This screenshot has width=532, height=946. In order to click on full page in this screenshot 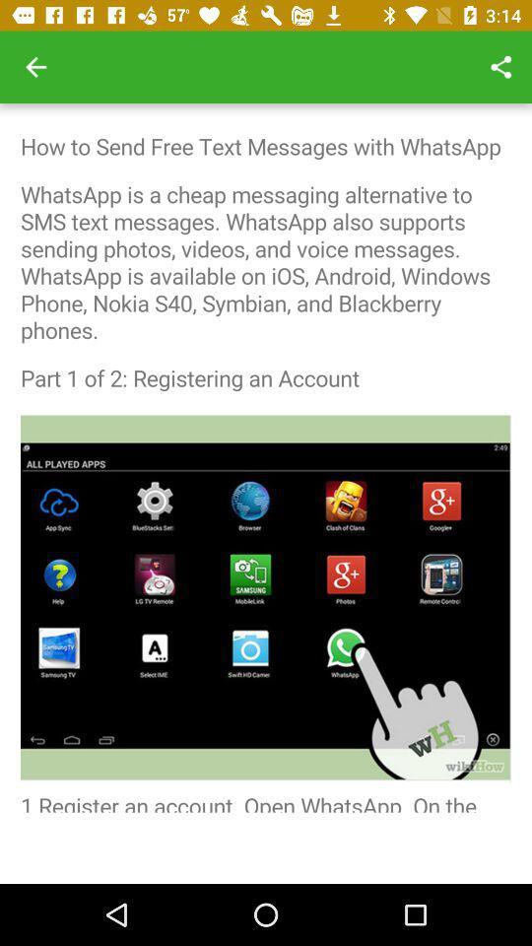, I will do `click(266, 457)`.